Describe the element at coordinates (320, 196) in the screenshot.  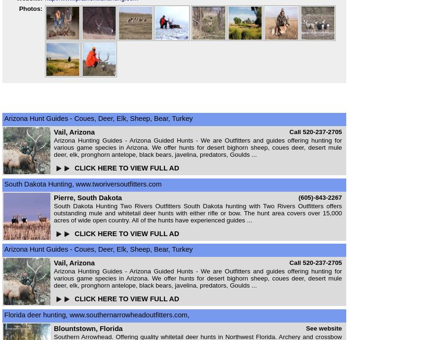
I see `'(605)-843-2267'` at that location.